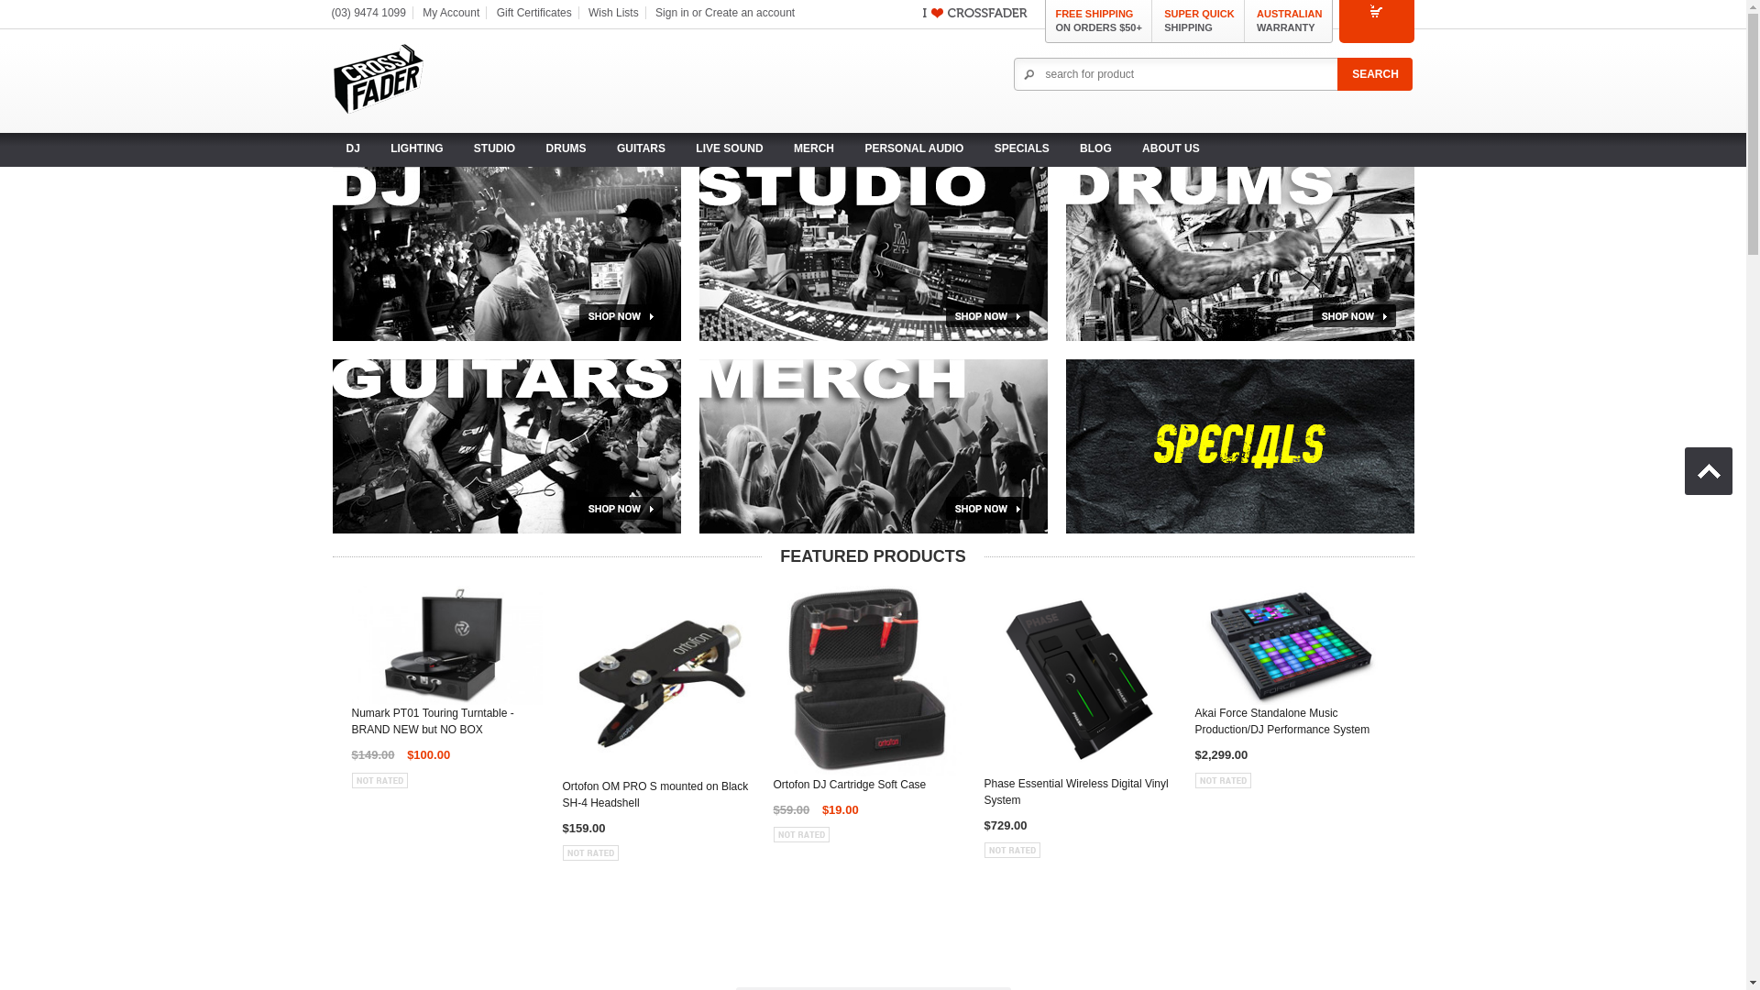 This screenshot has height=990, width=1760. Describe the element at coordinates (352, 148) in the screenshot. I see `'DJ'` at that location.